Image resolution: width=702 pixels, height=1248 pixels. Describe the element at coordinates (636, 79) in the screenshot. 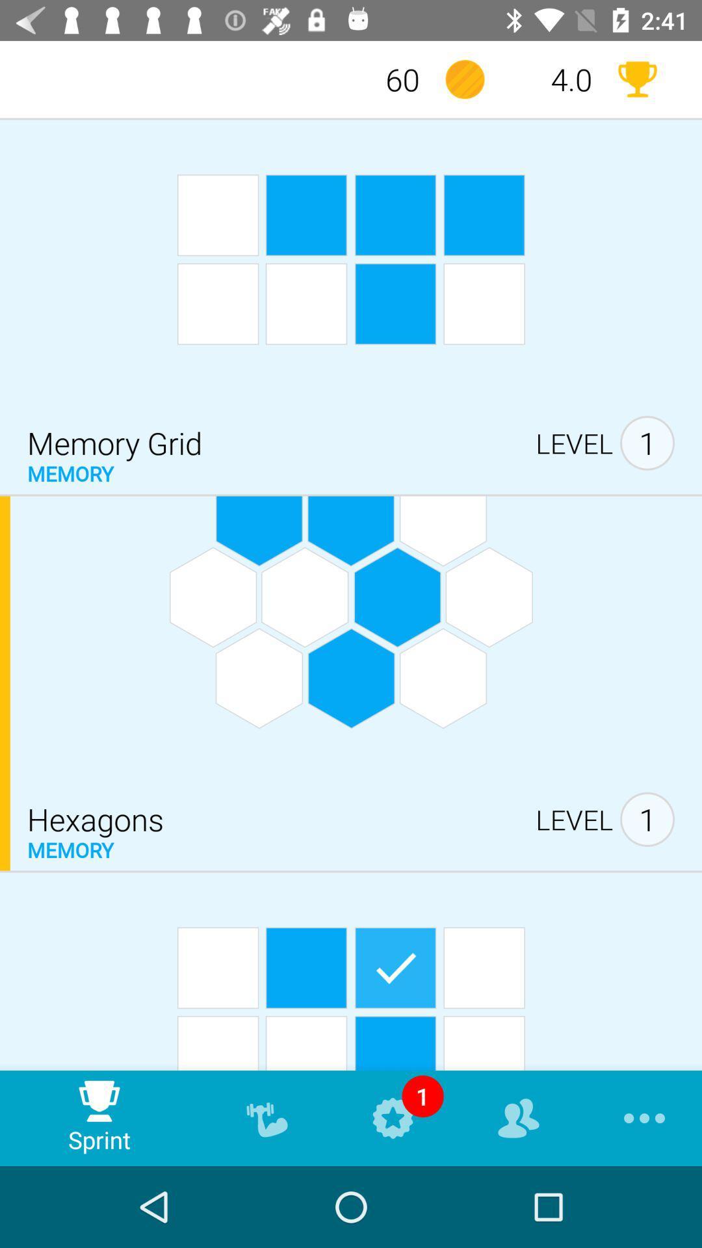

I see `my trophies` at that location.